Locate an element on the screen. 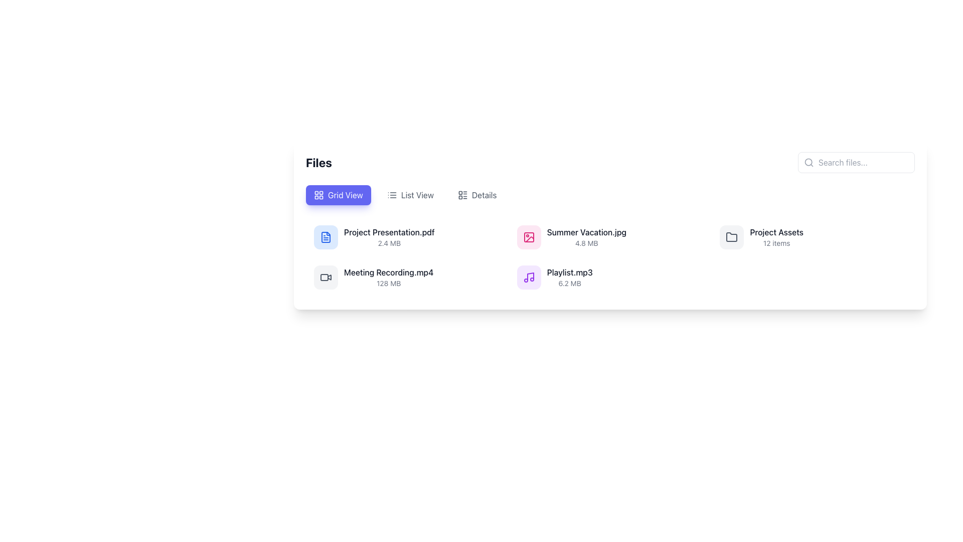 This screenshot has height=542, width=963. the search input field located on the right-hand side of the 'Files' section is located at coordinates (856, 162).